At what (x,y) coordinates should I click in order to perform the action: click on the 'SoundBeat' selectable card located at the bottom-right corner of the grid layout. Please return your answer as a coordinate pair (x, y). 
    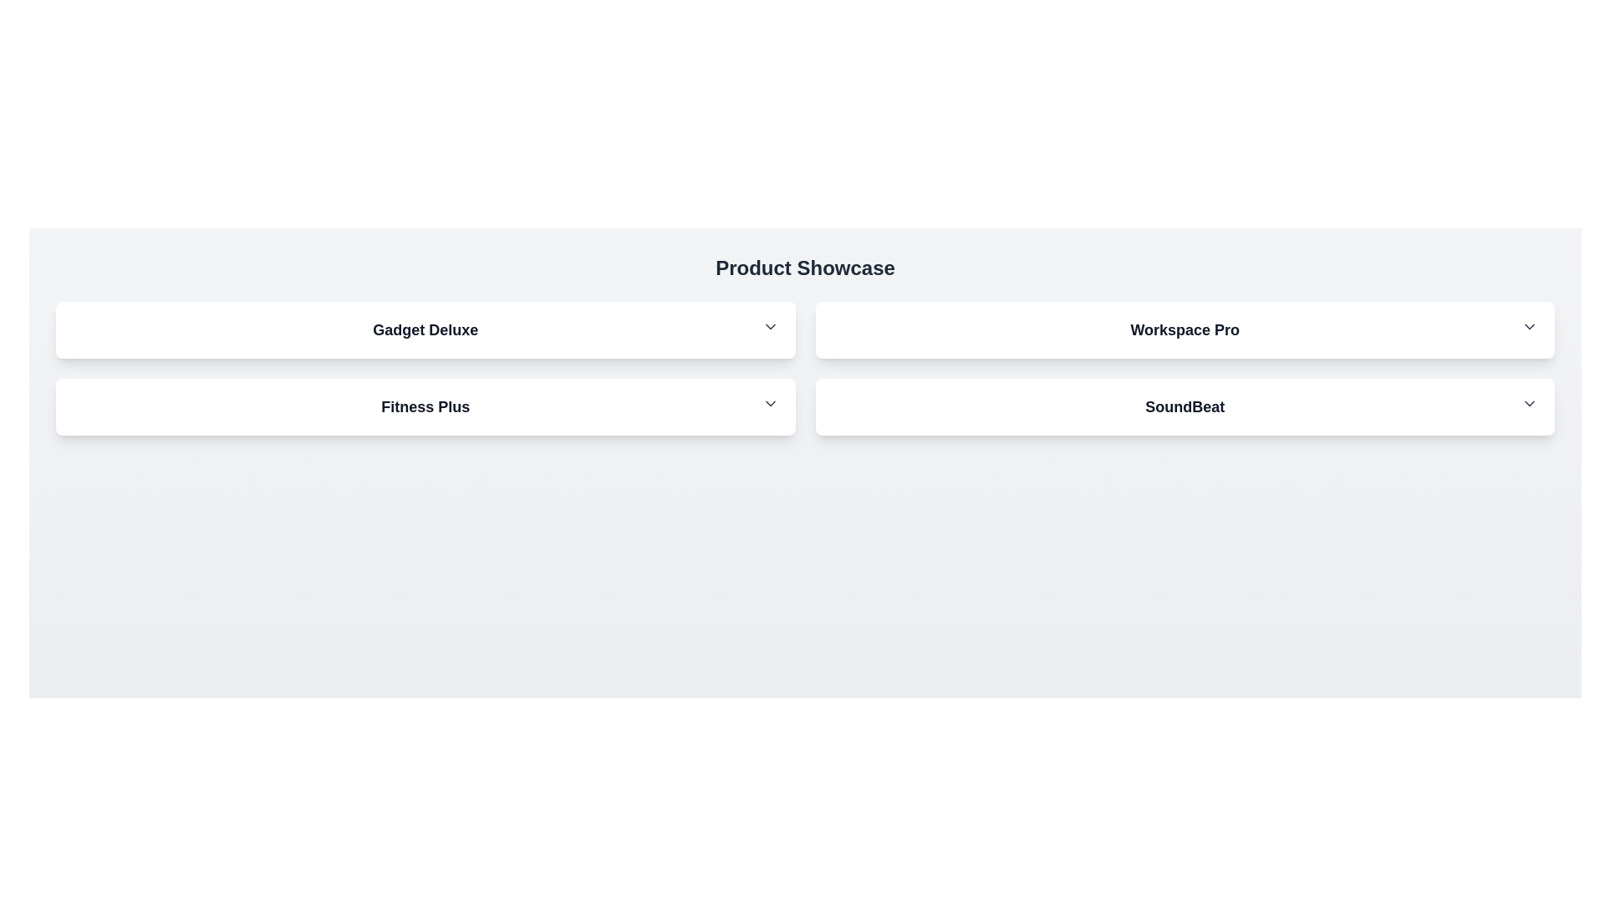
    Looking at the image, I should click on (1184, 406).